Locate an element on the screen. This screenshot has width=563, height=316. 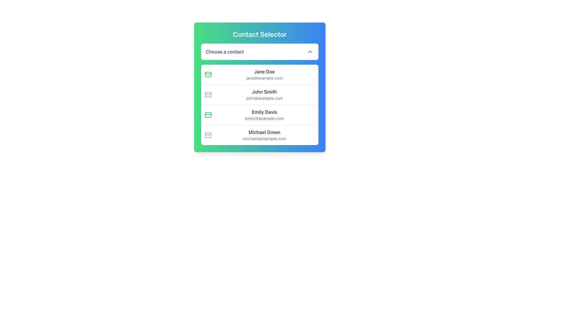
the text label displaying the email address 'michael@example.com', which is styled in a small gray font and located beneath the name label 'Michael Green' as the last item in a horizontal list of entries is located at coordinates (264, 139).